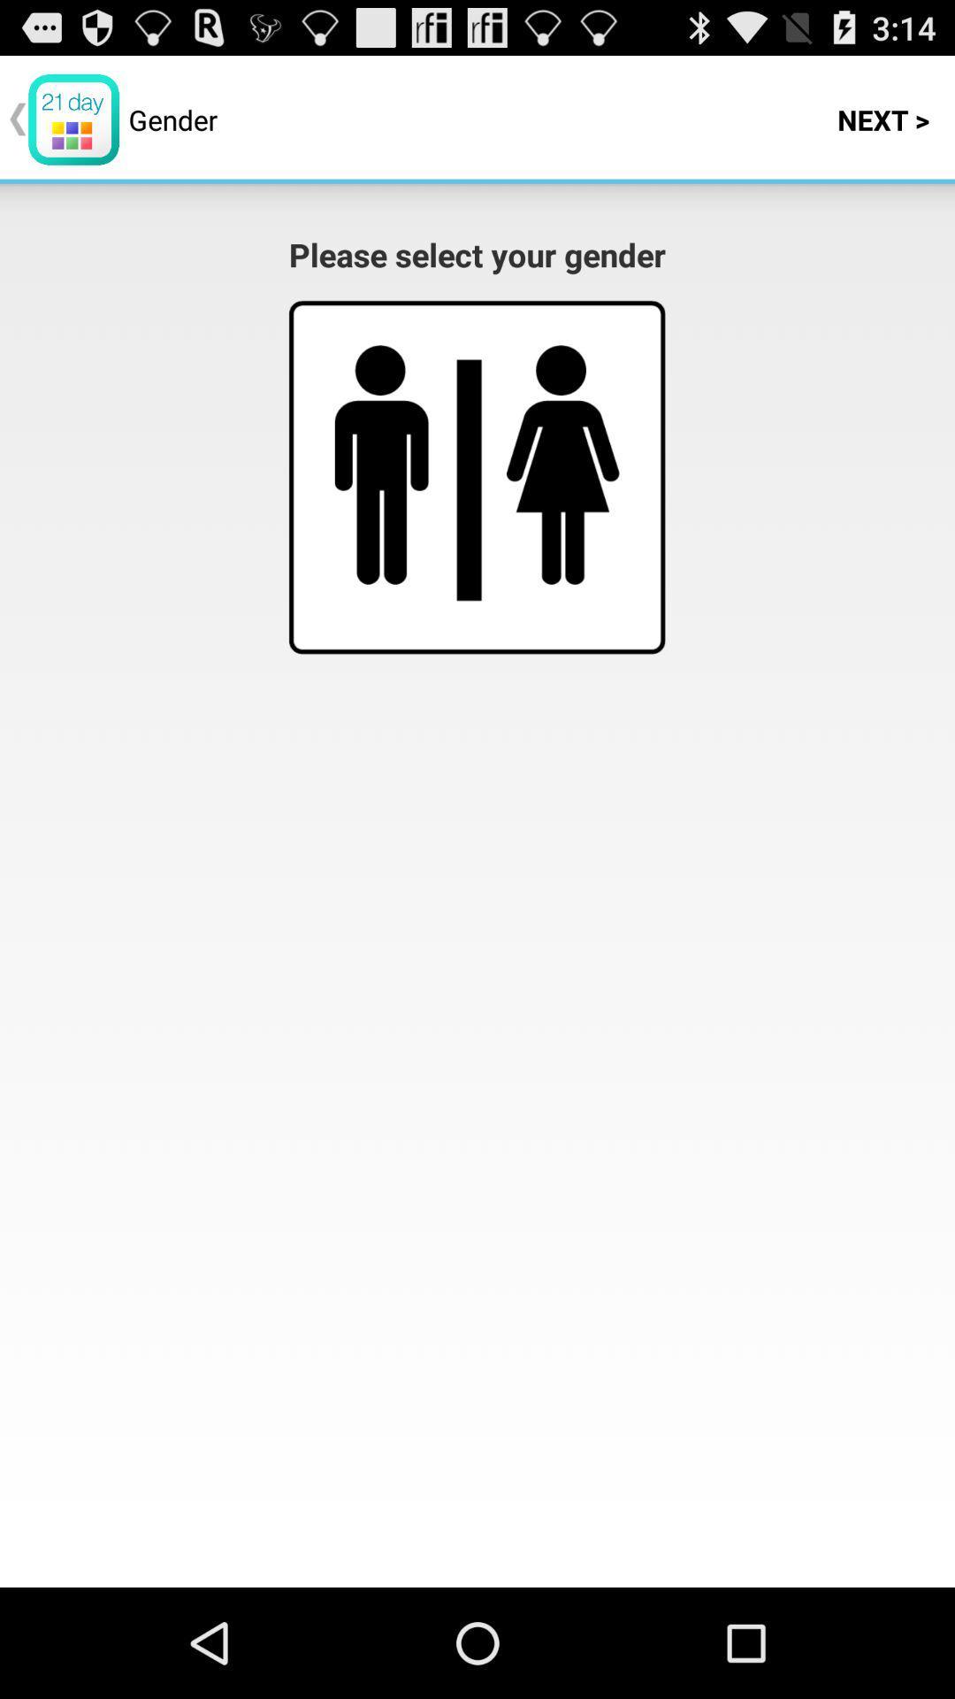  I want to click on image button, so click(562, 465).